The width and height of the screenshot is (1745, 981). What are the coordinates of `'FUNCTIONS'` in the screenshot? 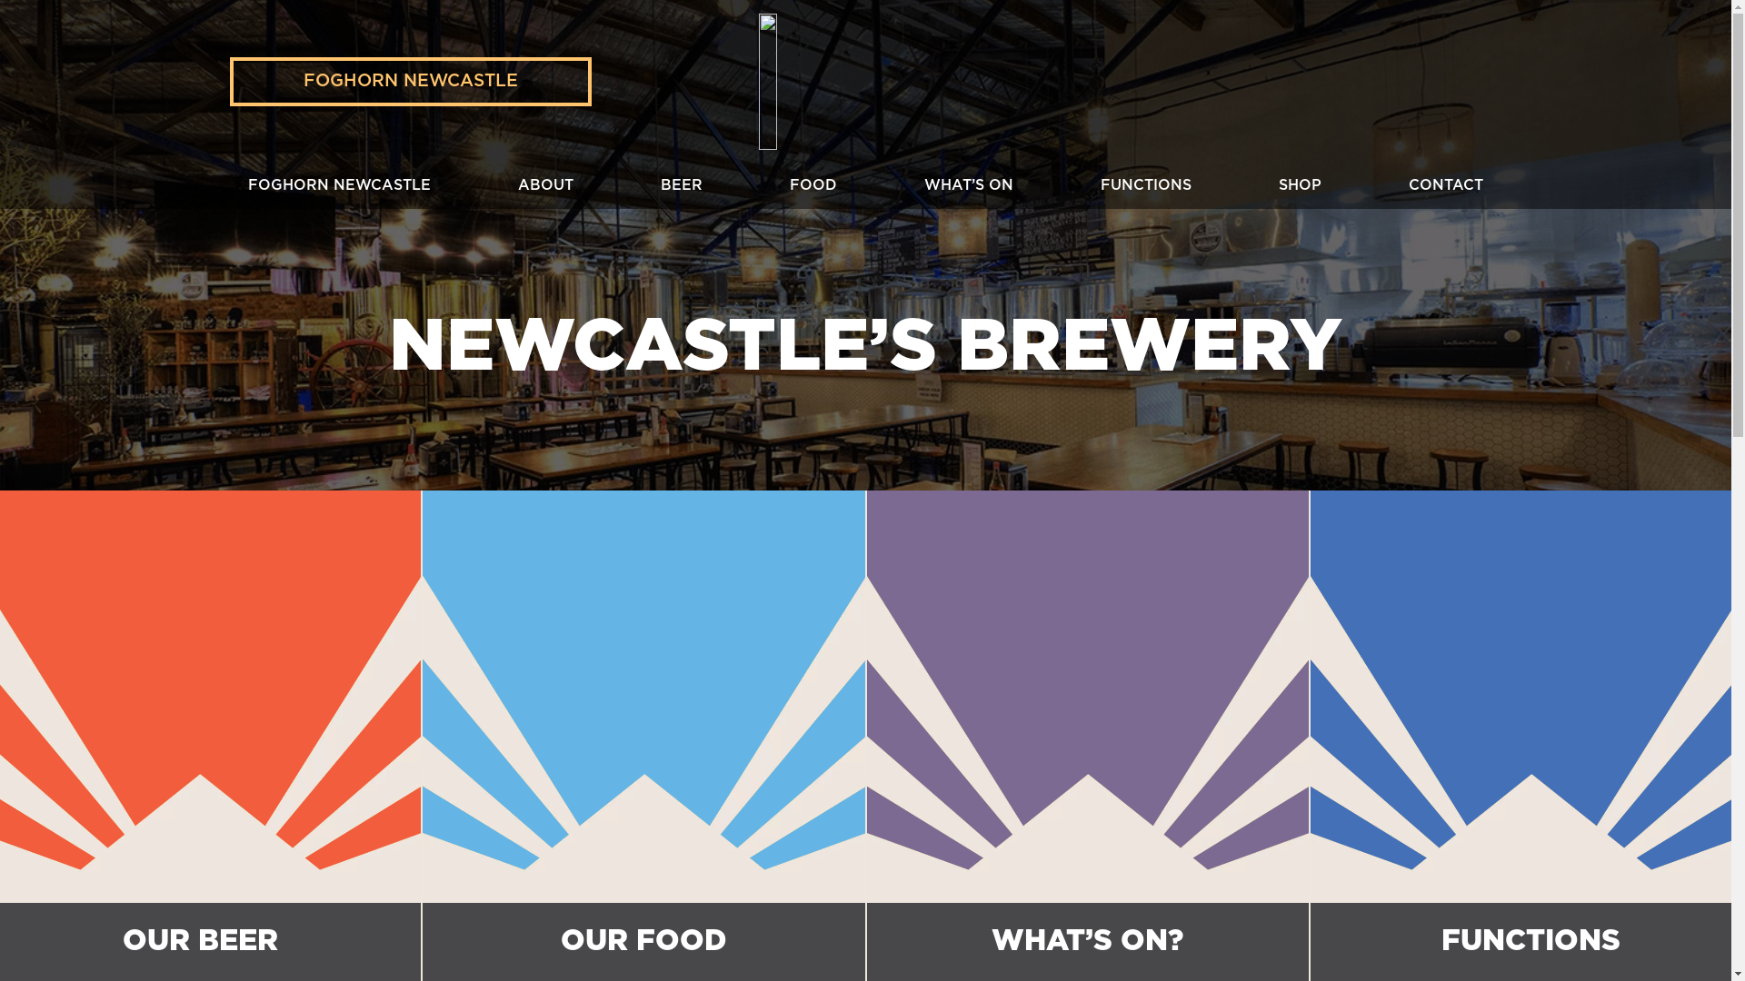 It's located at (1145, 185).